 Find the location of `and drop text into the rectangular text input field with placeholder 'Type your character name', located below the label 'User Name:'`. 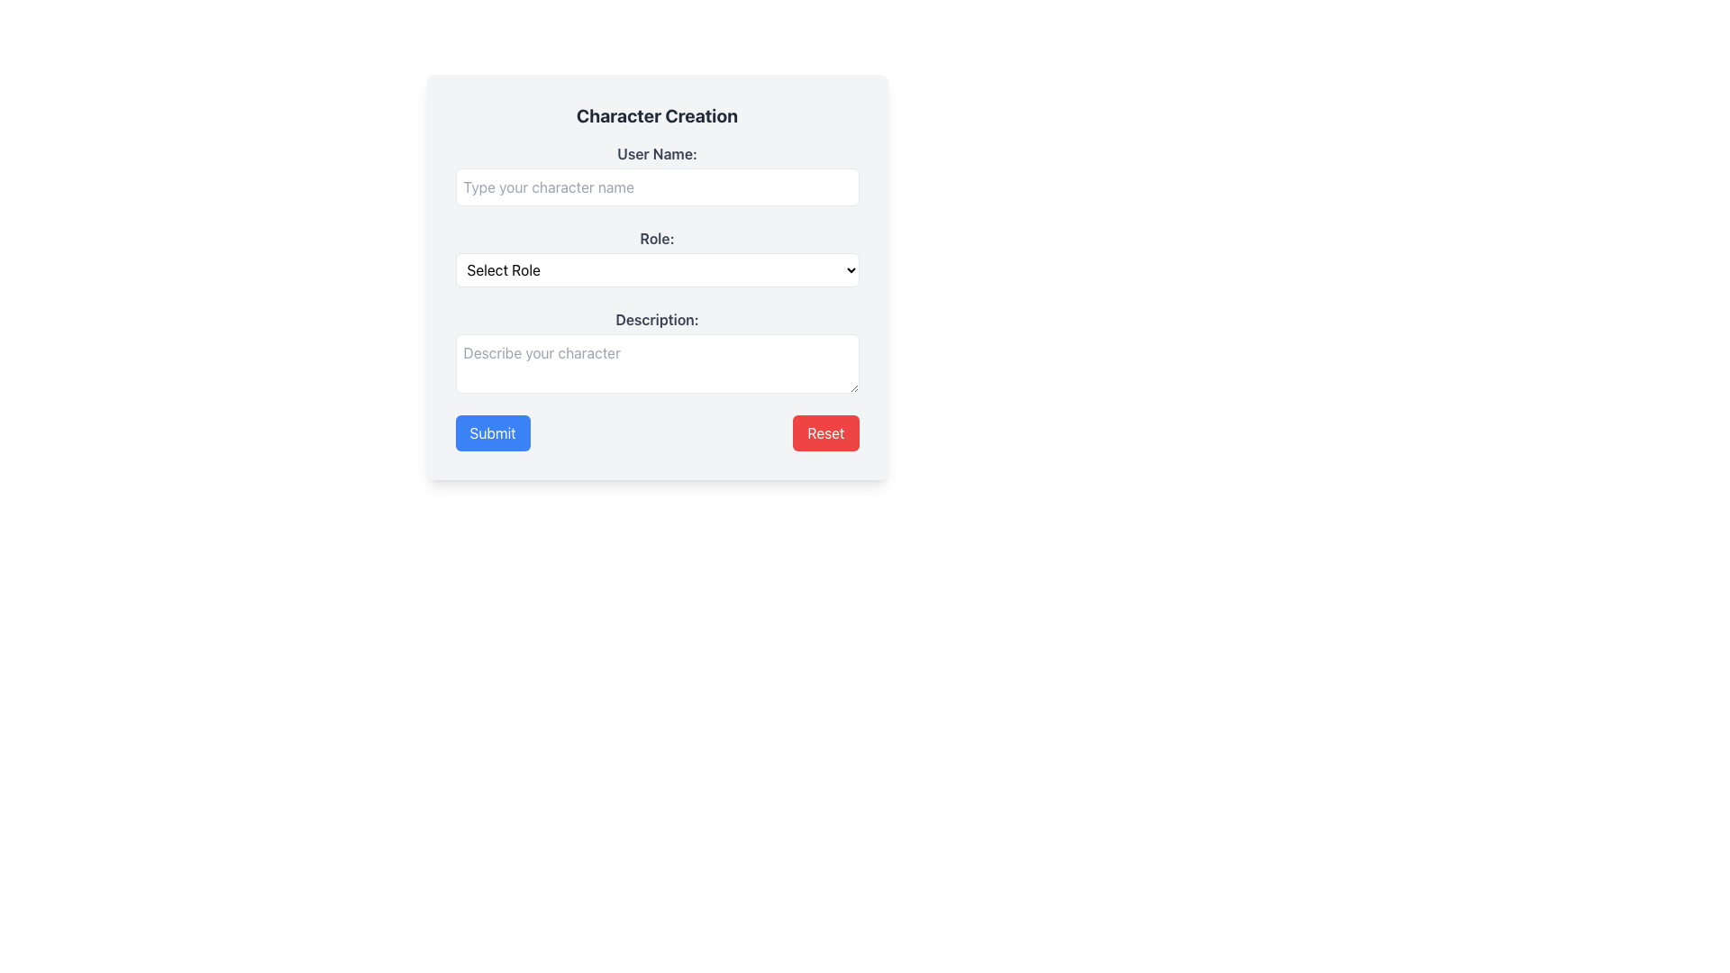

and drop text into the rectangular text input field with placeholder 'Type your character name', located below the label 'User Name:' is located at coordinates (656, 187).